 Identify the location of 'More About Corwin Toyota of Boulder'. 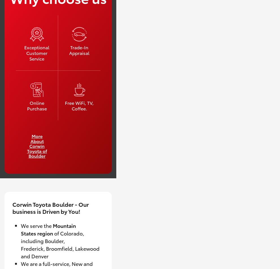
(37, 146).